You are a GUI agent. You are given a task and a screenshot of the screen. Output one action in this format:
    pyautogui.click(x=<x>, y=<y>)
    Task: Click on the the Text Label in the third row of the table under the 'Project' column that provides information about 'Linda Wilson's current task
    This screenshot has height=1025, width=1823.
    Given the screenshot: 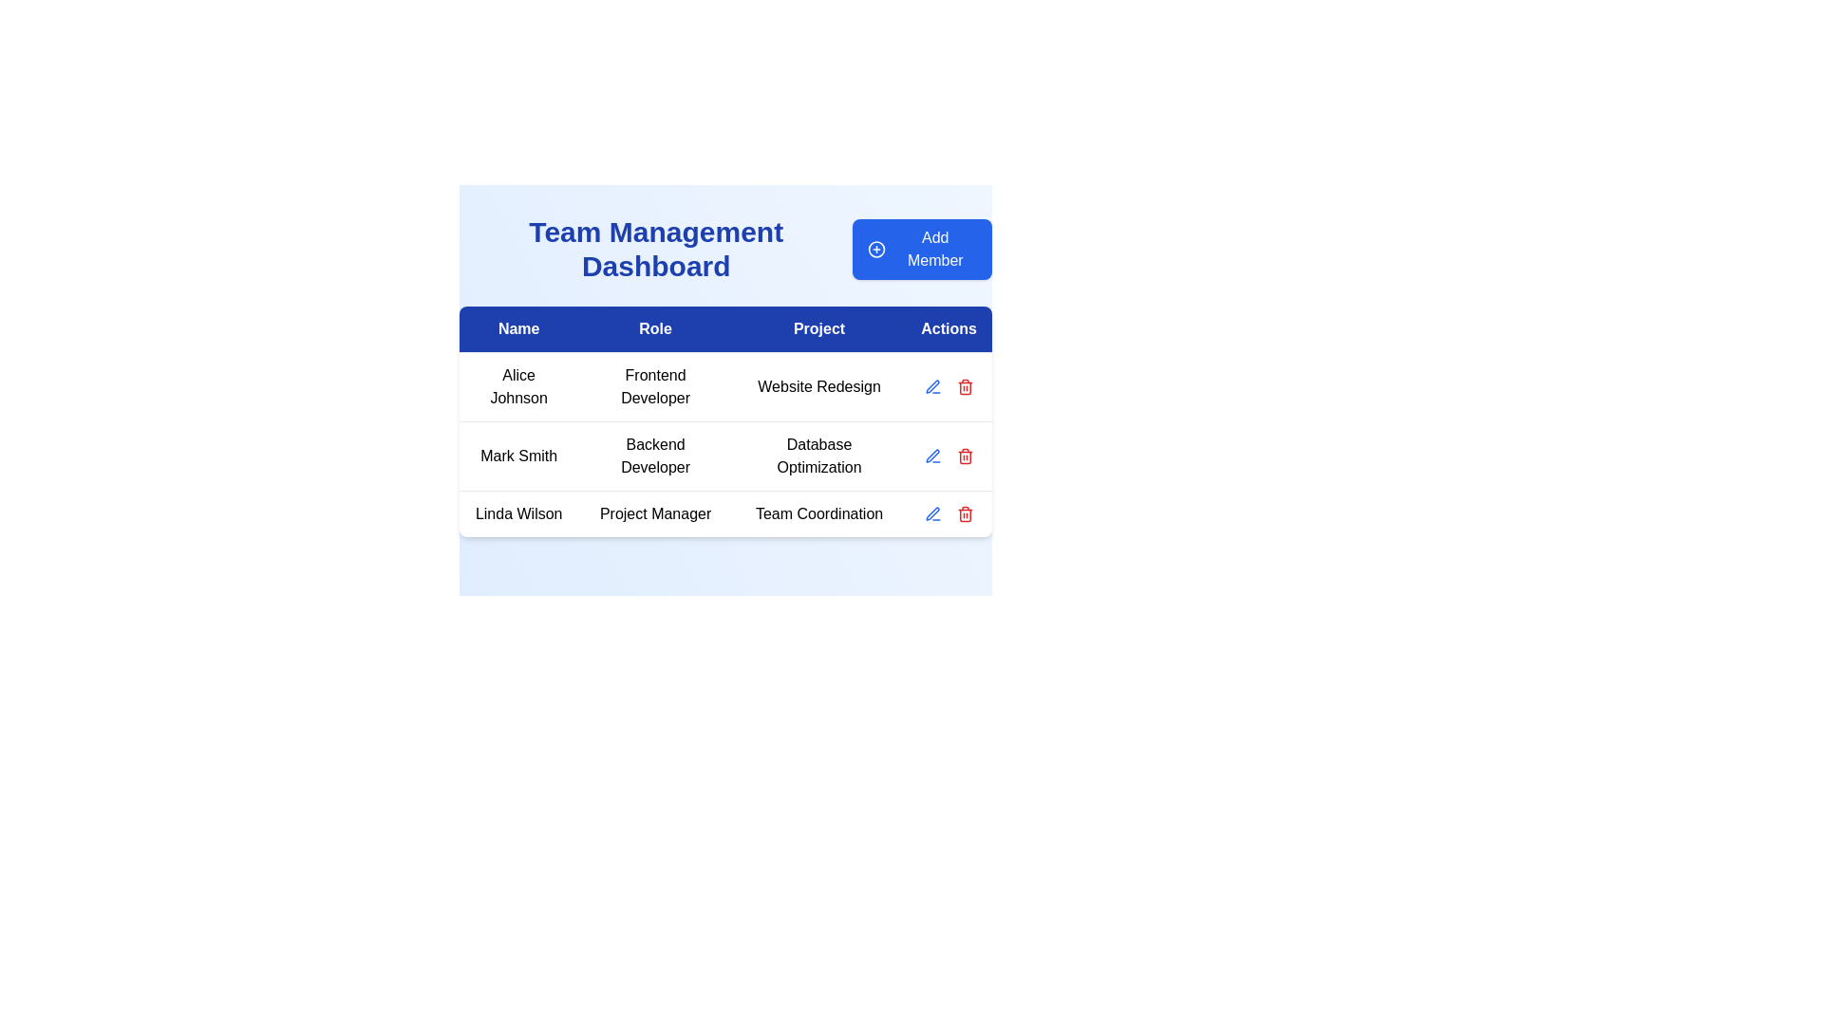 What is the action you would take?
    pyautogui.click(x=819, y=513)
    